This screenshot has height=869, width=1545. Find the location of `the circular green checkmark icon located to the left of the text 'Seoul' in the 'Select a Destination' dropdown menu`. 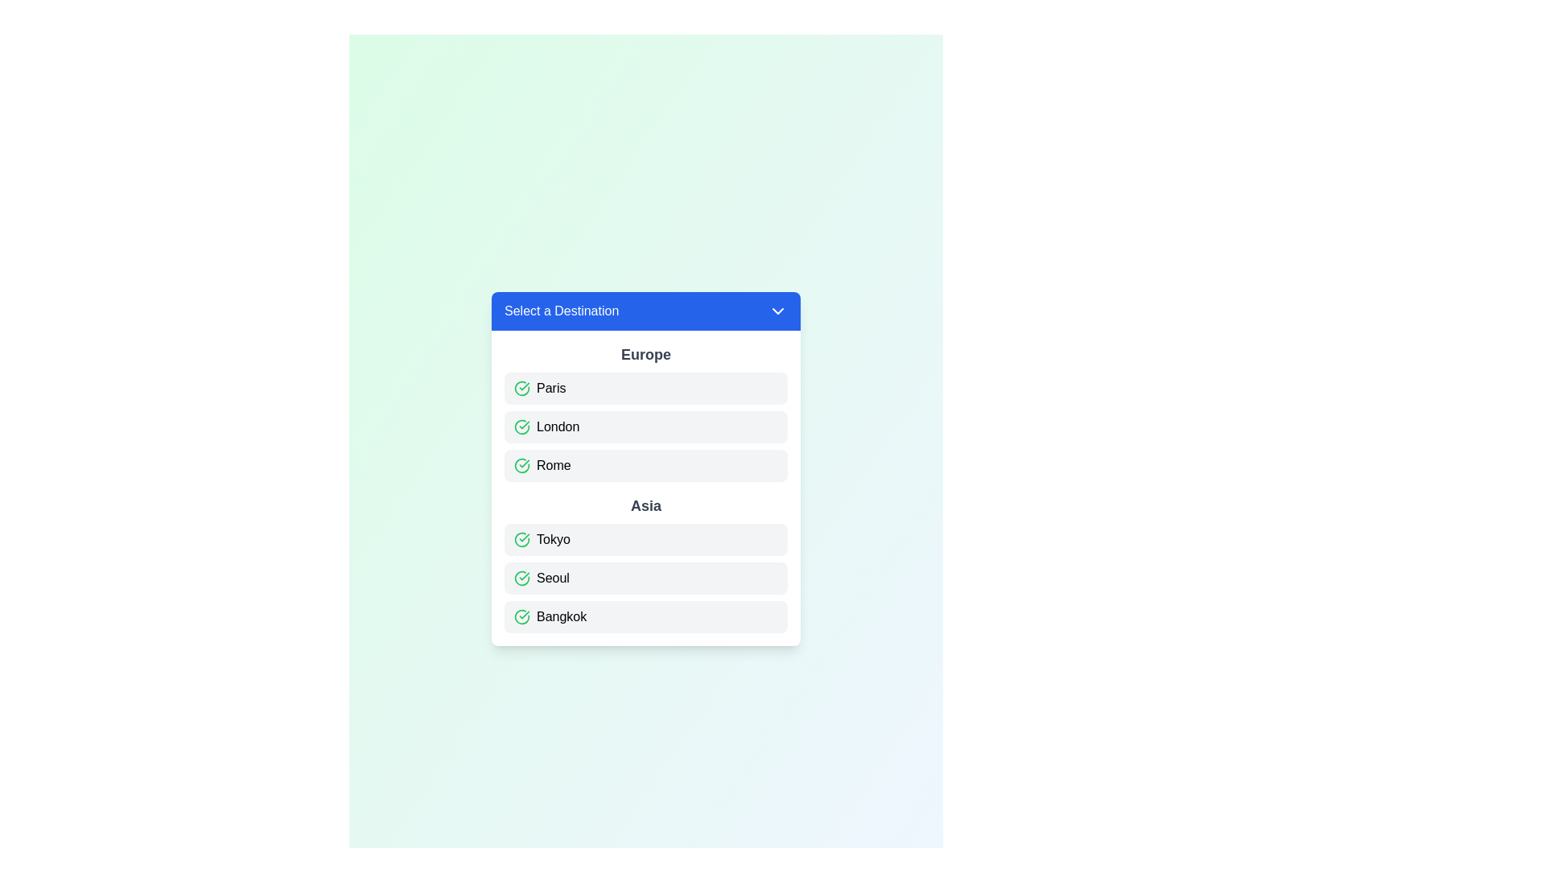

the circular green checkmark icon located to the left of the text 'Seoul' in the 'Select a Destination' dropdown menu is located at coordinates (521, 577).